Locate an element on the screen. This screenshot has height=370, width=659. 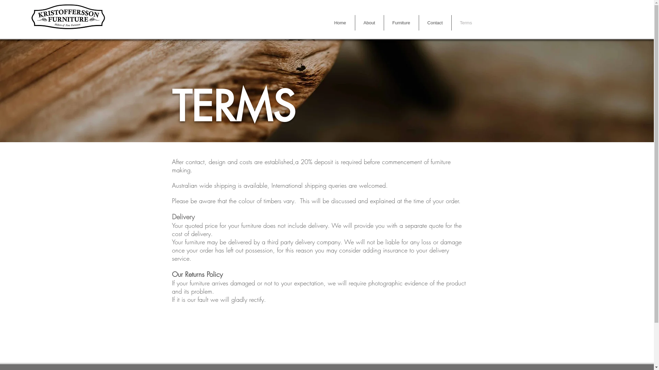
'Home' is located at coordinates (325, 22).